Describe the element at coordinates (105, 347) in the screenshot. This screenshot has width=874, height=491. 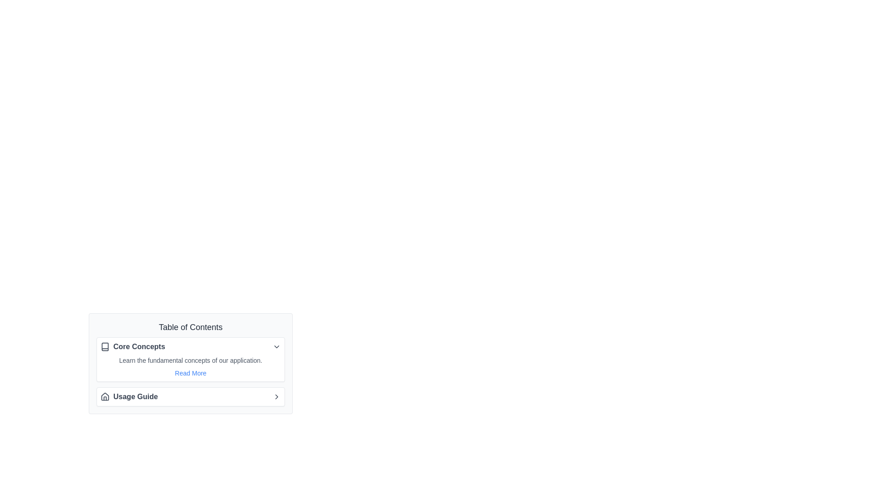
I see `the book icon located in the 'Core Concepts' section of the 'Table of Contents' panel` at that location.